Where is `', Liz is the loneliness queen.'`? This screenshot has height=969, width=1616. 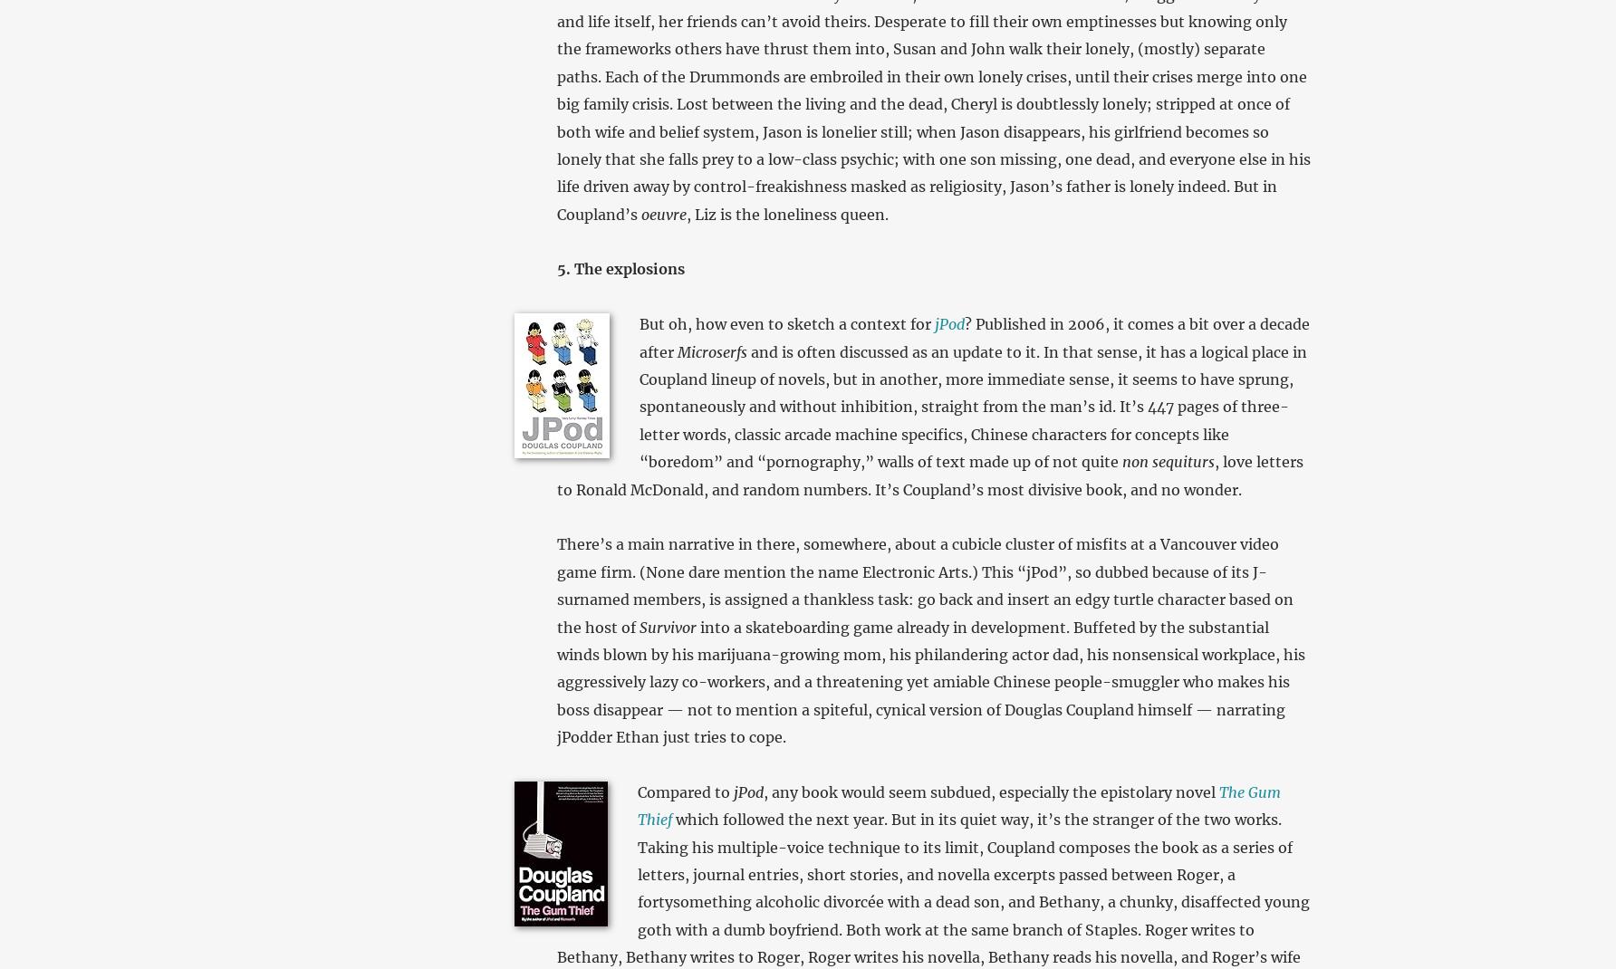 ', Liz is the loneliness queen.' is located at coordinates (785, 213).